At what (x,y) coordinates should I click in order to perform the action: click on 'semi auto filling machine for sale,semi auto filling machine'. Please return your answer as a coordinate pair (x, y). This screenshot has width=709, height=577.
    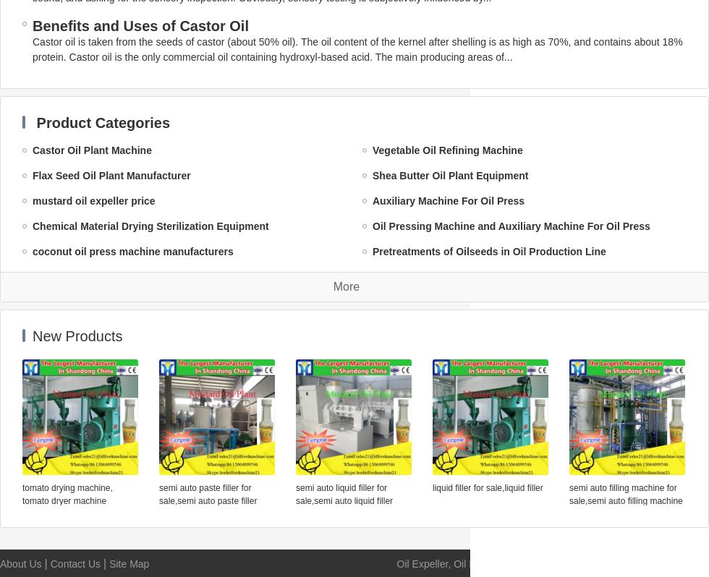
    Looking at the image, I should click on (626, 494).